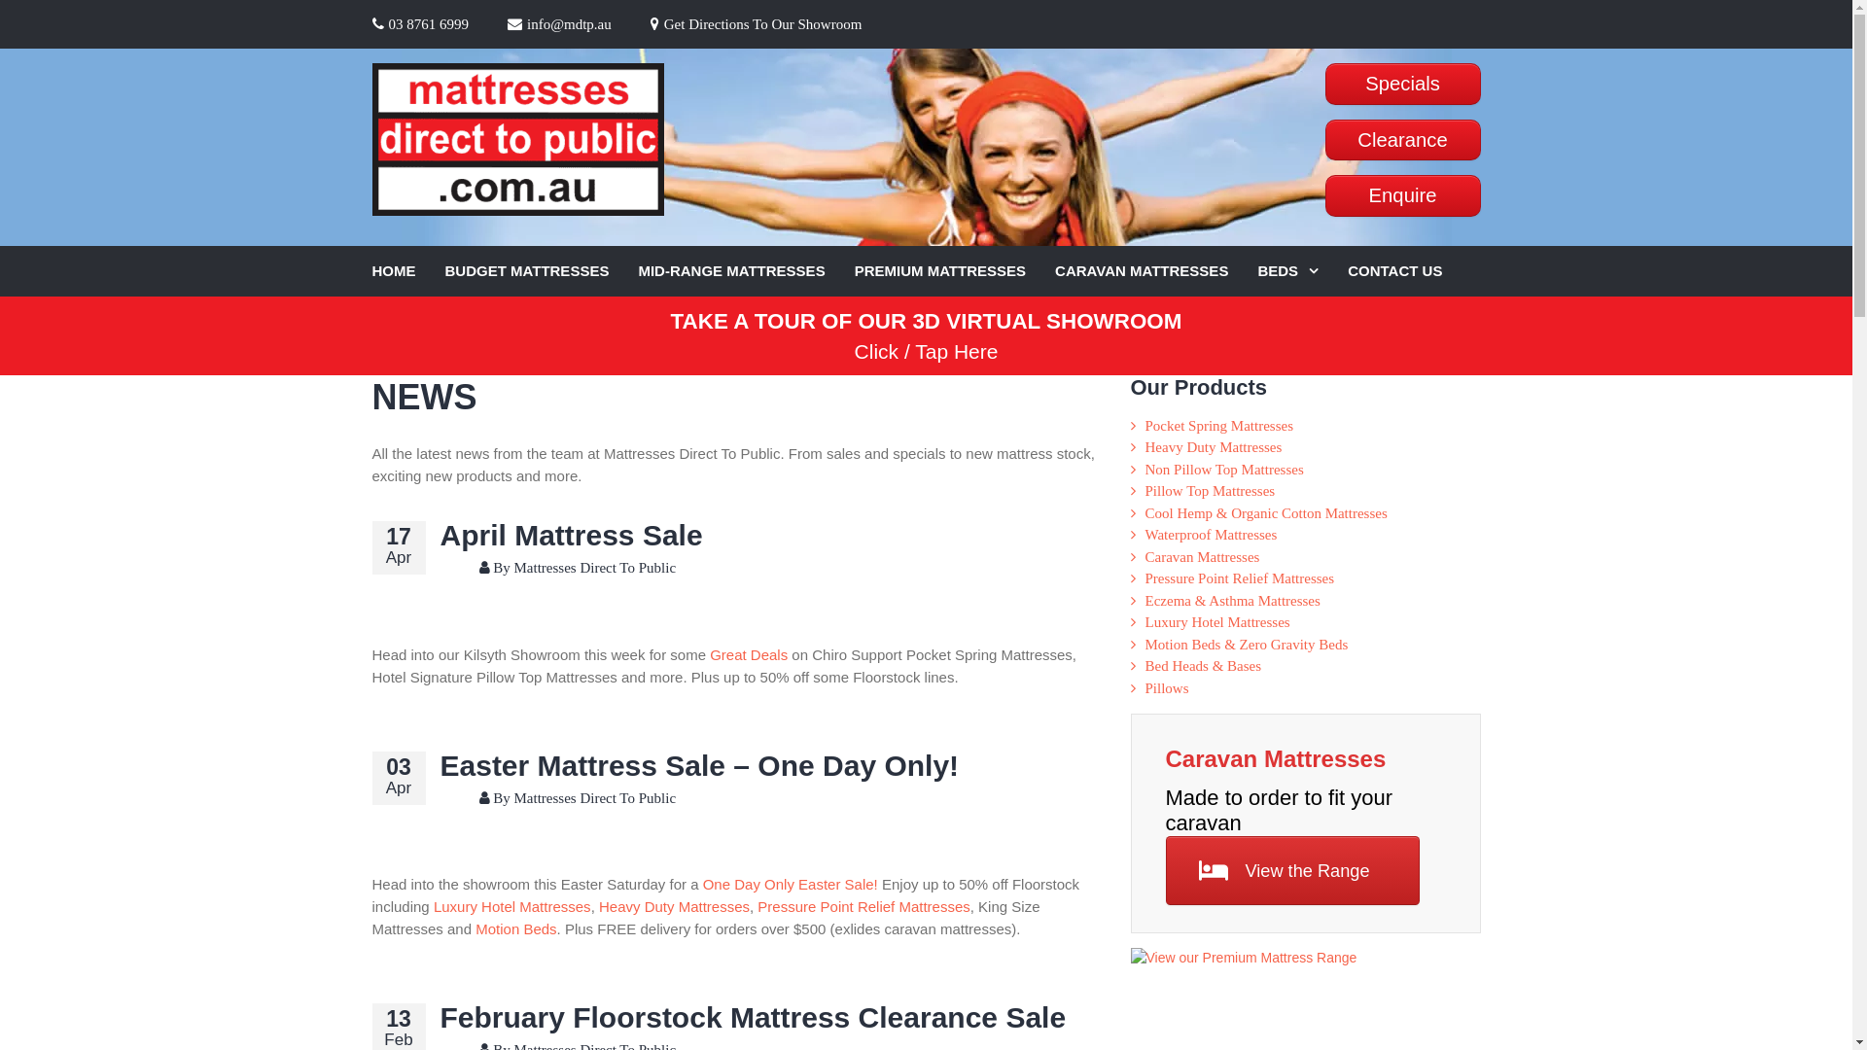 Image resolution: width=1867 pixels, height=1050 pixels. What do you see at coordinates (1223, 469) in the screenshot?
I see `'Non Pillow Top Mattresses'` at bounding box center [1223, 469].